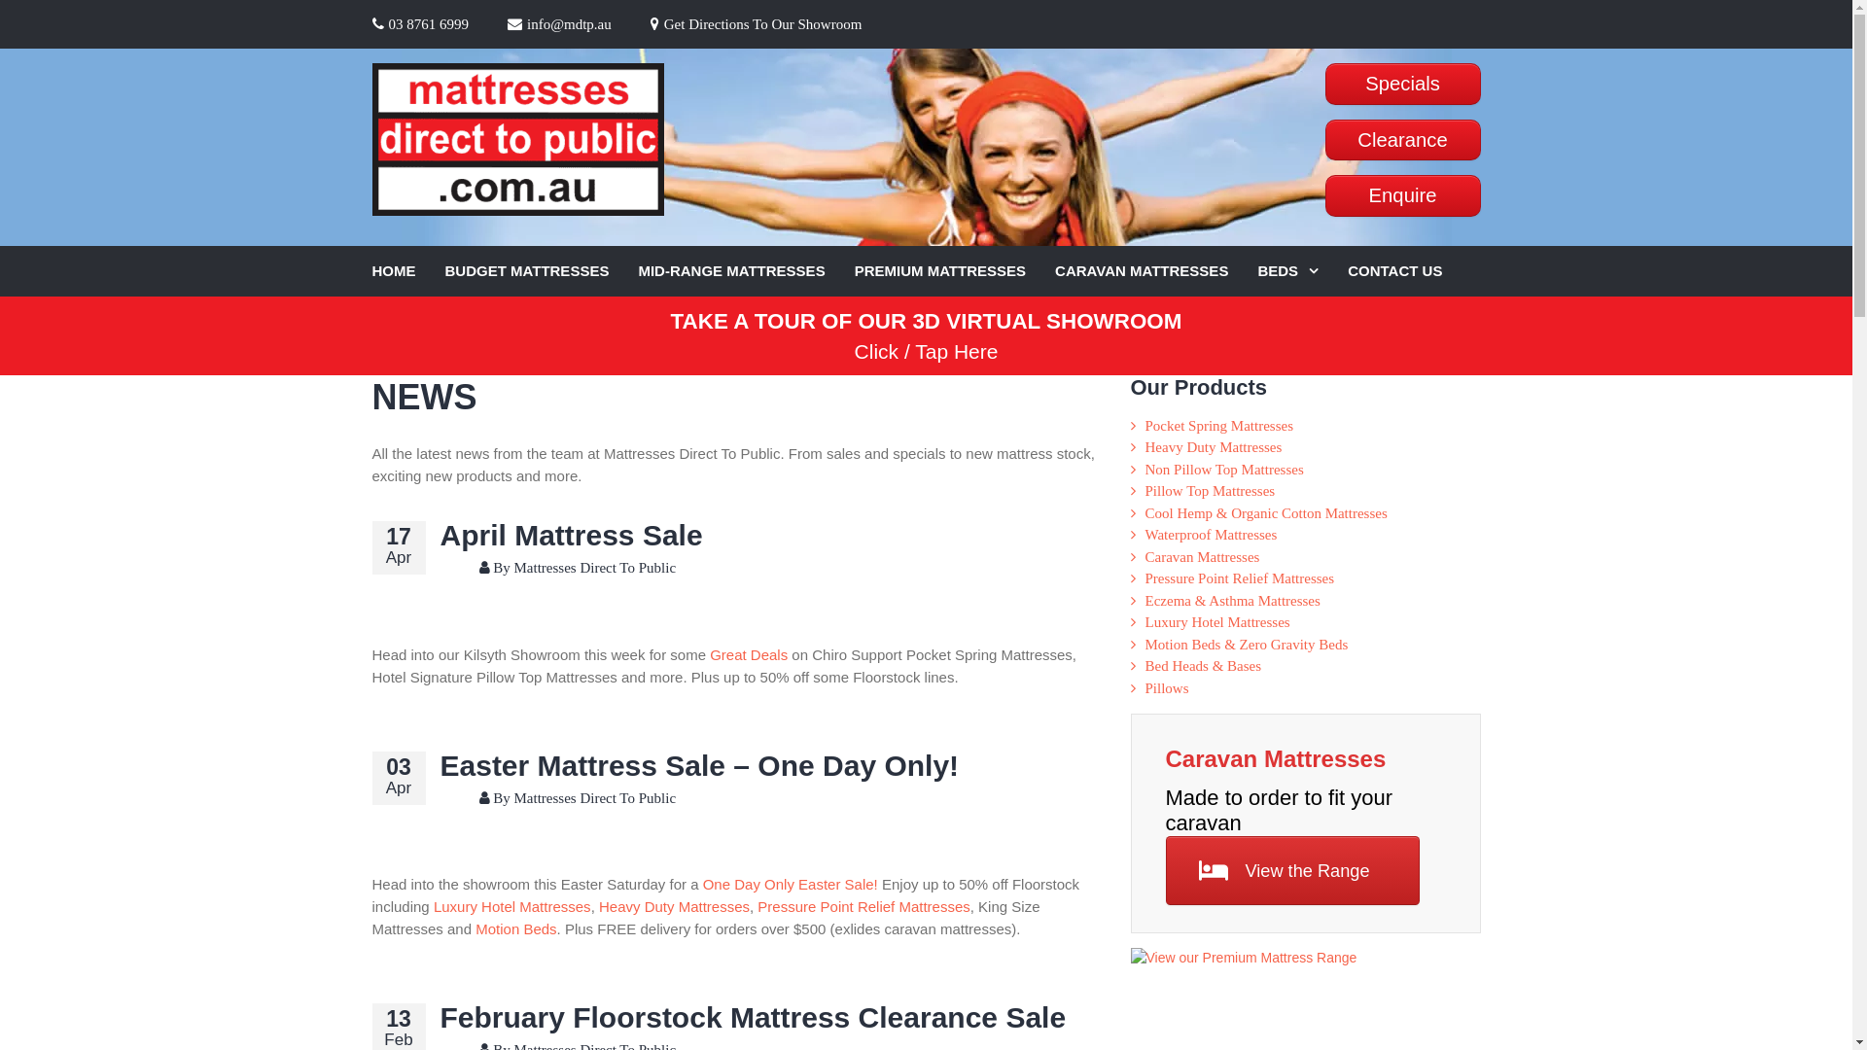 Image resolution: width=1867 pixels, height=1050 pixels. What do you see at coordinates (1223, 469) in the screenshot?
I see `'Non Pillow Top Mattresses'` at bounding box center [1223, 469].